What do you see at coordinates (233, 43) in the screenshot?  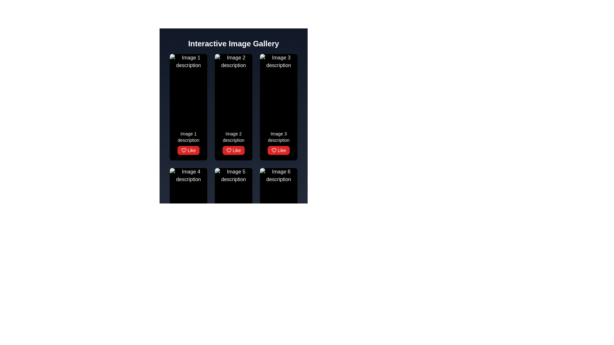 I see `the large, bold text label reading 'Interactive Image Gallery' located at the top center of the interface` at bounding box center [233, 43].